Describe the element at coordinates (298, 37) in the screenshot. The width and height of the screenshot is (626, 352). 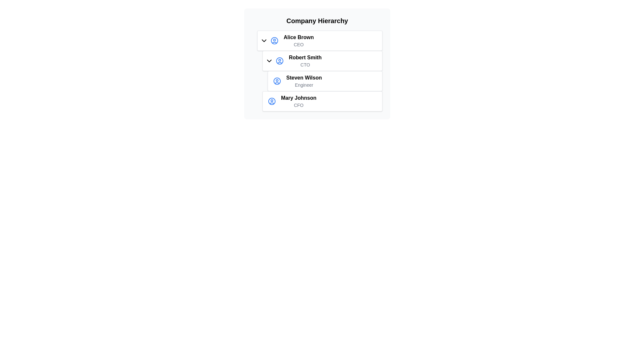
I see `text content of the text label displaying 'Alice Brown', which is styled in bold and indicates the primary role of CEO within the company's organizational structure` at that location.